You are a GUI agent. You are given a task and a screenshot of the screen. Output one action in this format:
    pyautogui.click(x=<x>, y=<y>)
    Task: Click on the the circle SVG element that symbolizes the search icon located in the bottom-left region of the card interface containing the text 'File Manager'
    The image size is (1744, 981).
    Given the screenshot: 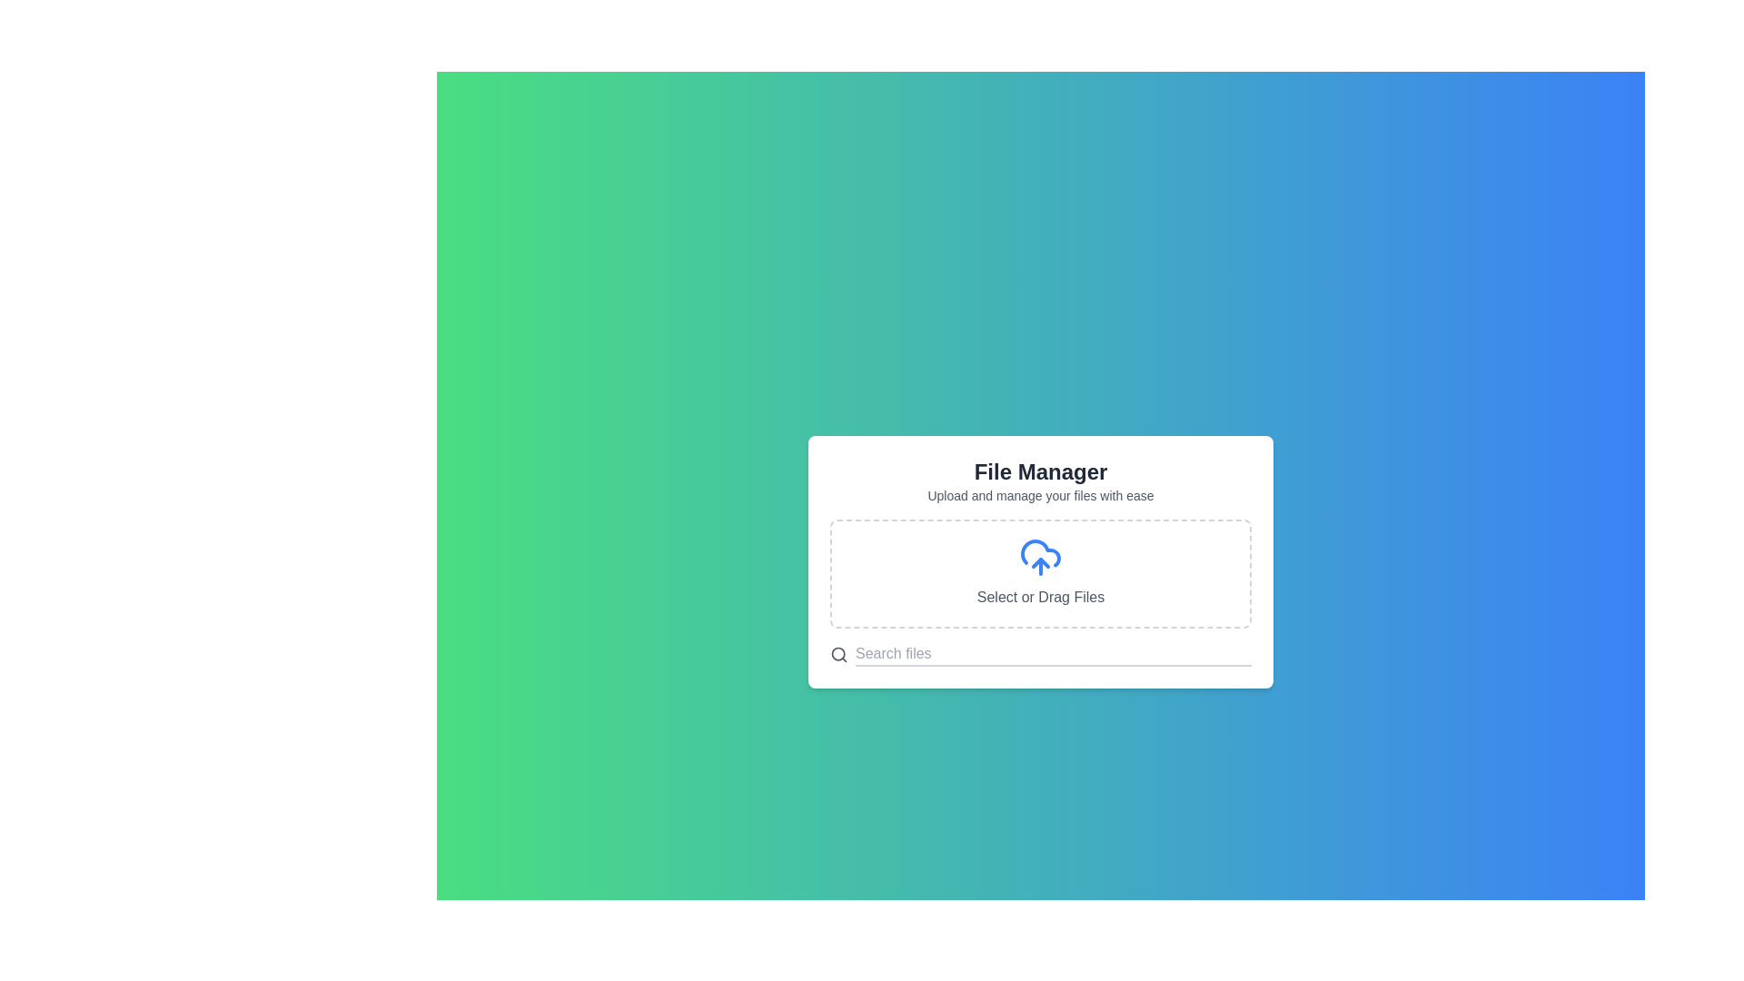 What is the action you would take?
    pyautogui.click(x=837, y=654)
    